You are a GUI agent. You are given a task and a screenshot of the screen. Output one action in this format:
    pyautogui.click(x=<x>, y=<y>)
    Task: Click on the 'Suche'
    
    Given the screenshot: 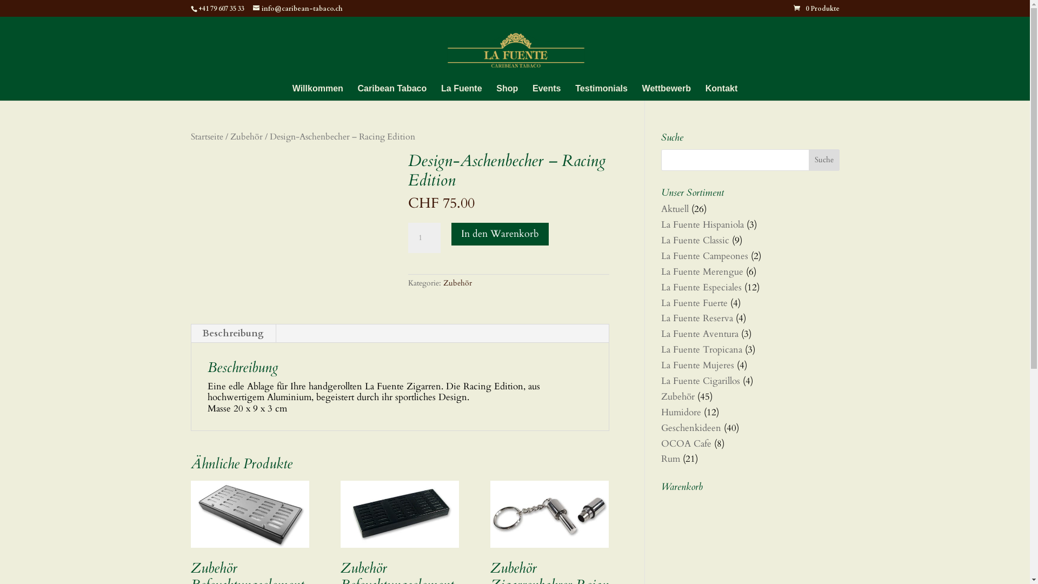 What is the action you would take?
    pyautogui.click(x=823, y=160)
    